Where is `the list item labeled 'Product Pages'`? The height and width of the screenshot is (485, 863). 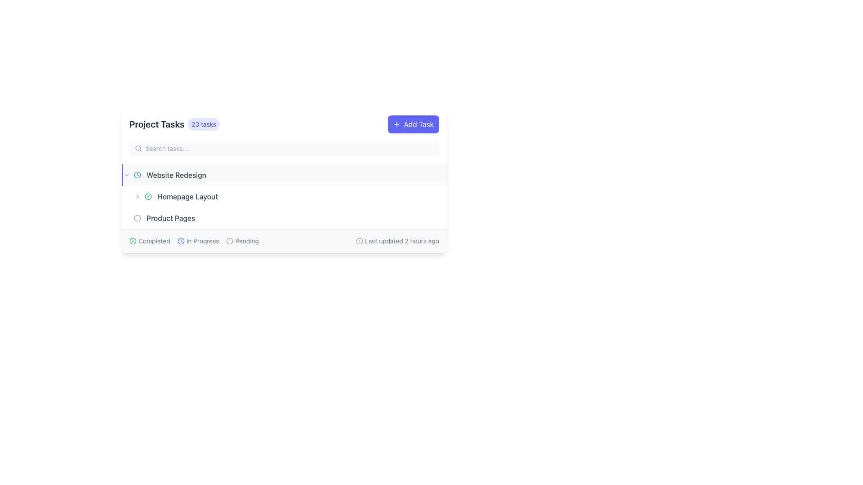 the list item labeled 'Product Pages' is located at coordinates (284, 218).